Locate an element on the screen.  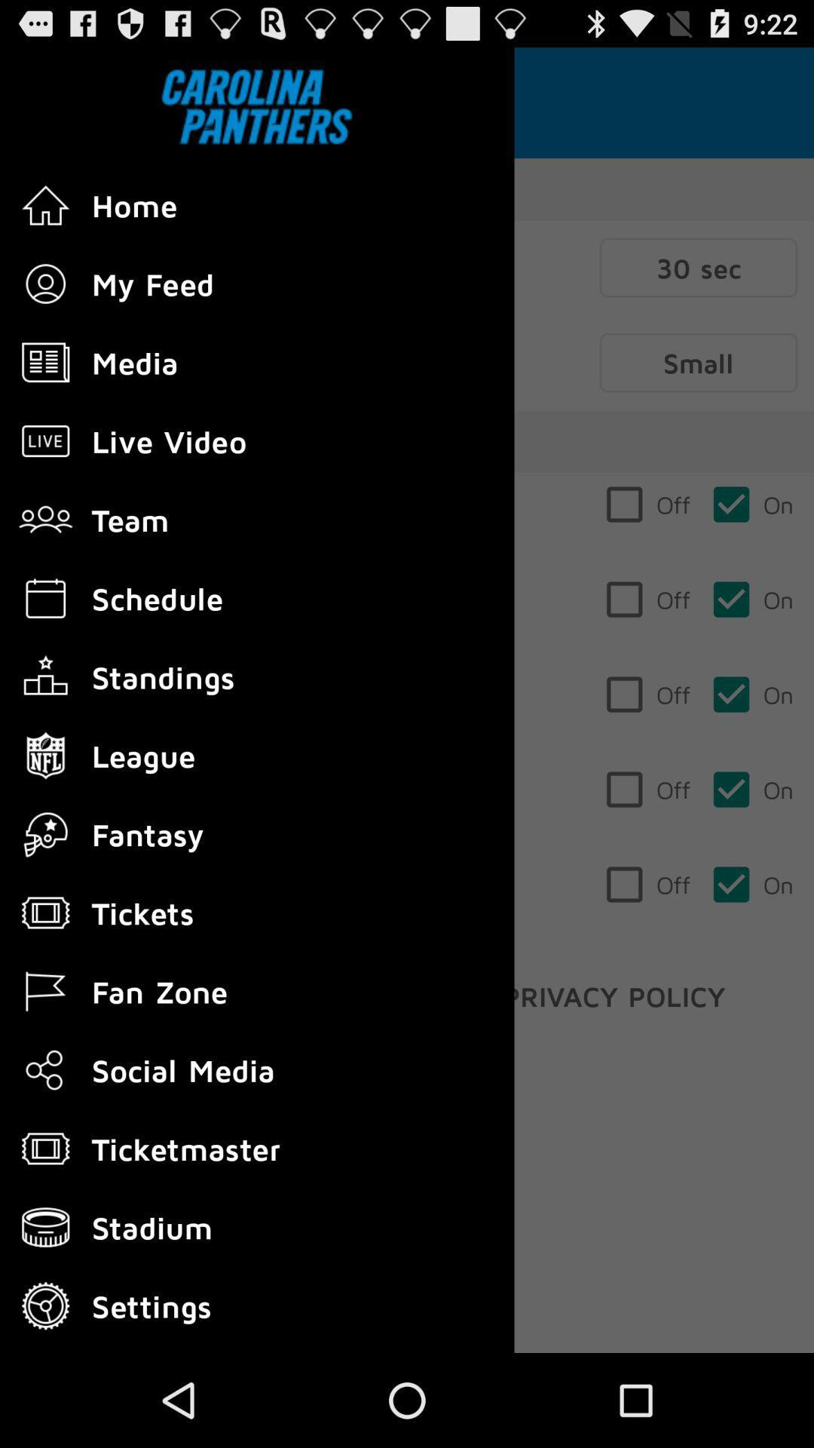
the second on from the top is located at coordinates (752, 599).